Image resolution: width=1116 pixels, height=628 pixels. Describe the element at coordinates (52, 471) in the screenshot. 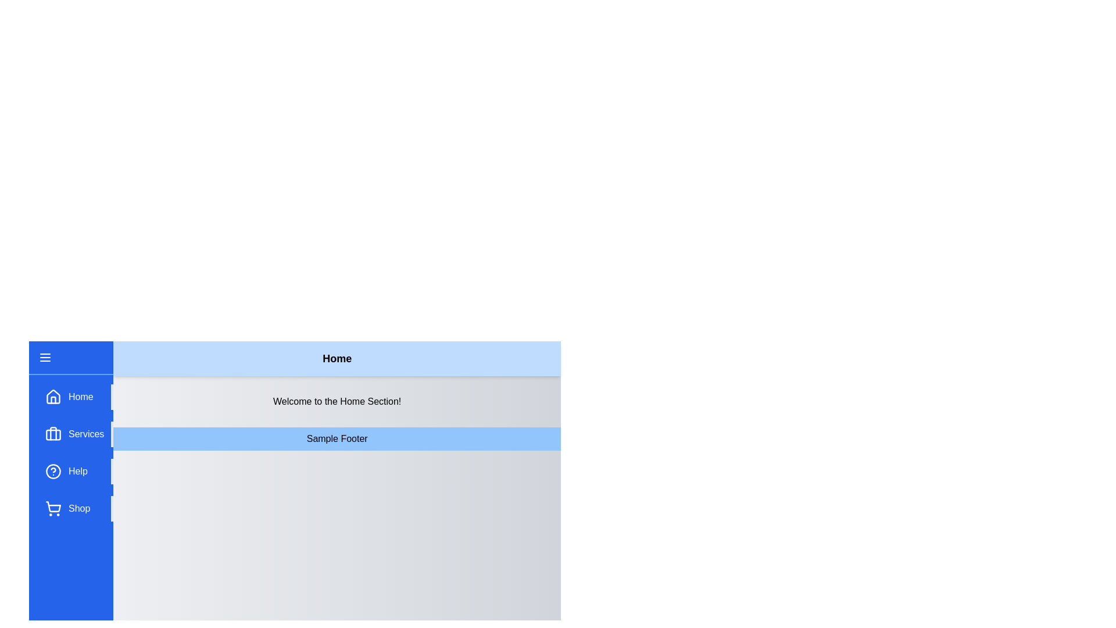

I see `the outermost circle of the 'Help' icon located` at that location.